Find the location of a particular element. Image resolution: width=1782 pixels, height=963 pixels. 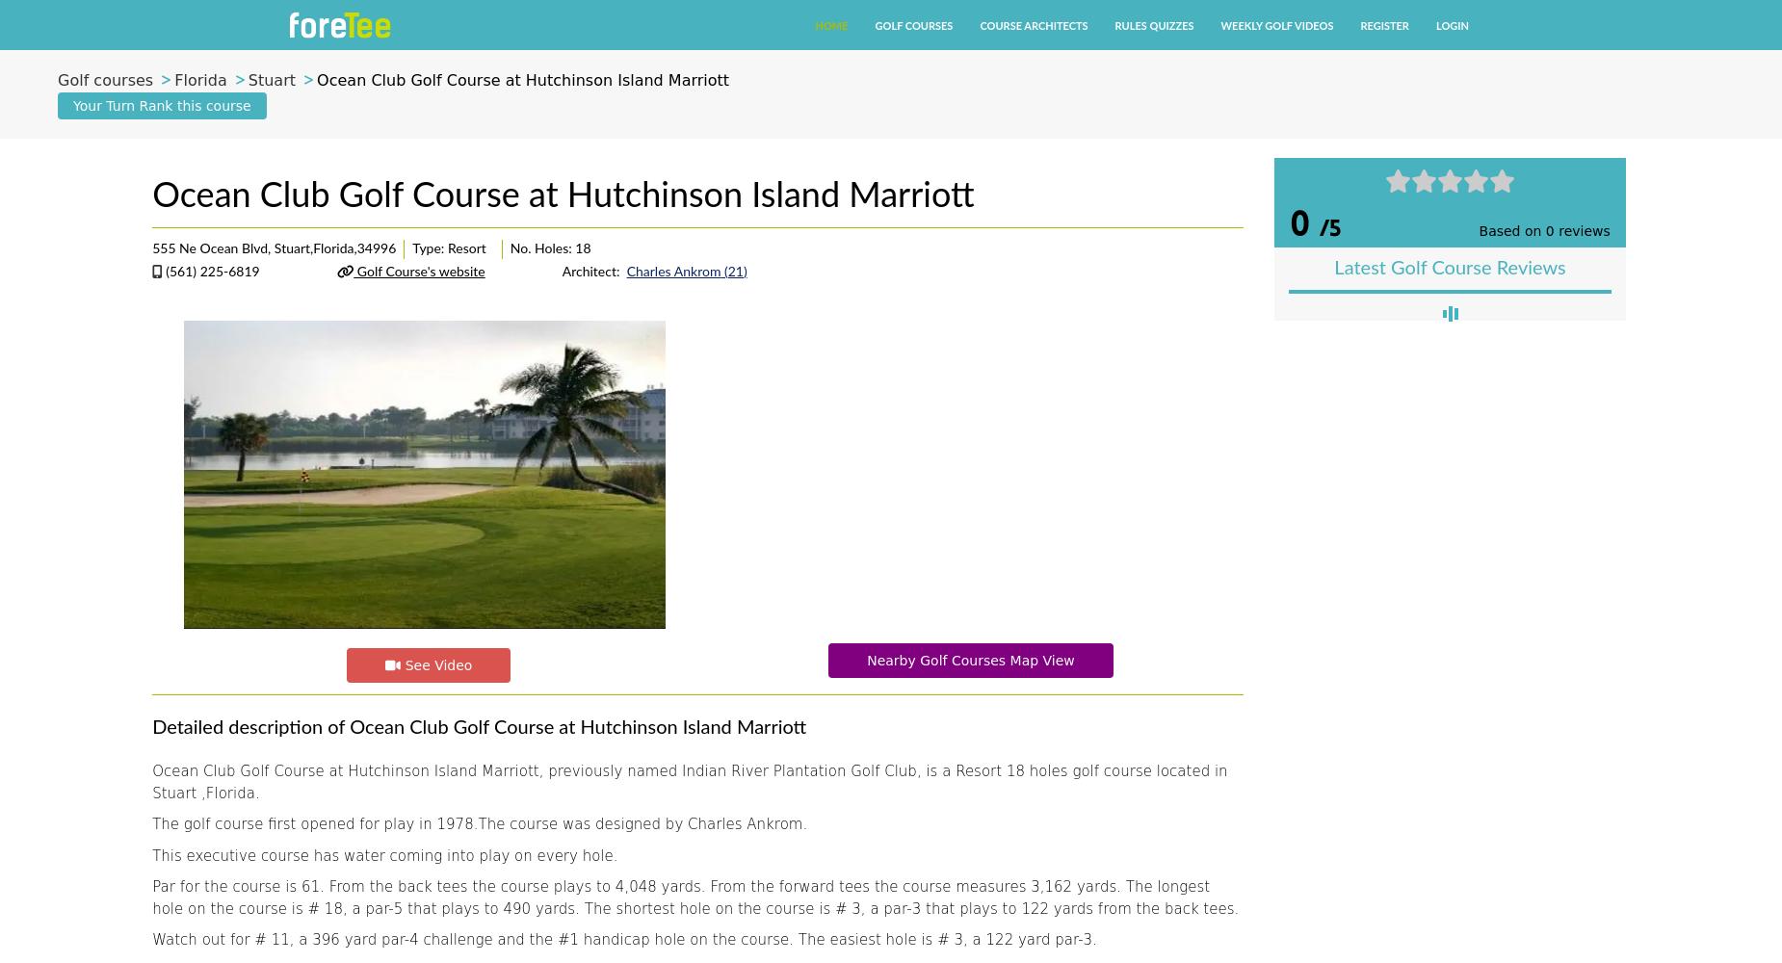

'The golf course first opened for play in 1978.The course was designed by Charles Ankrom.' is located at coordinates (150, 823).